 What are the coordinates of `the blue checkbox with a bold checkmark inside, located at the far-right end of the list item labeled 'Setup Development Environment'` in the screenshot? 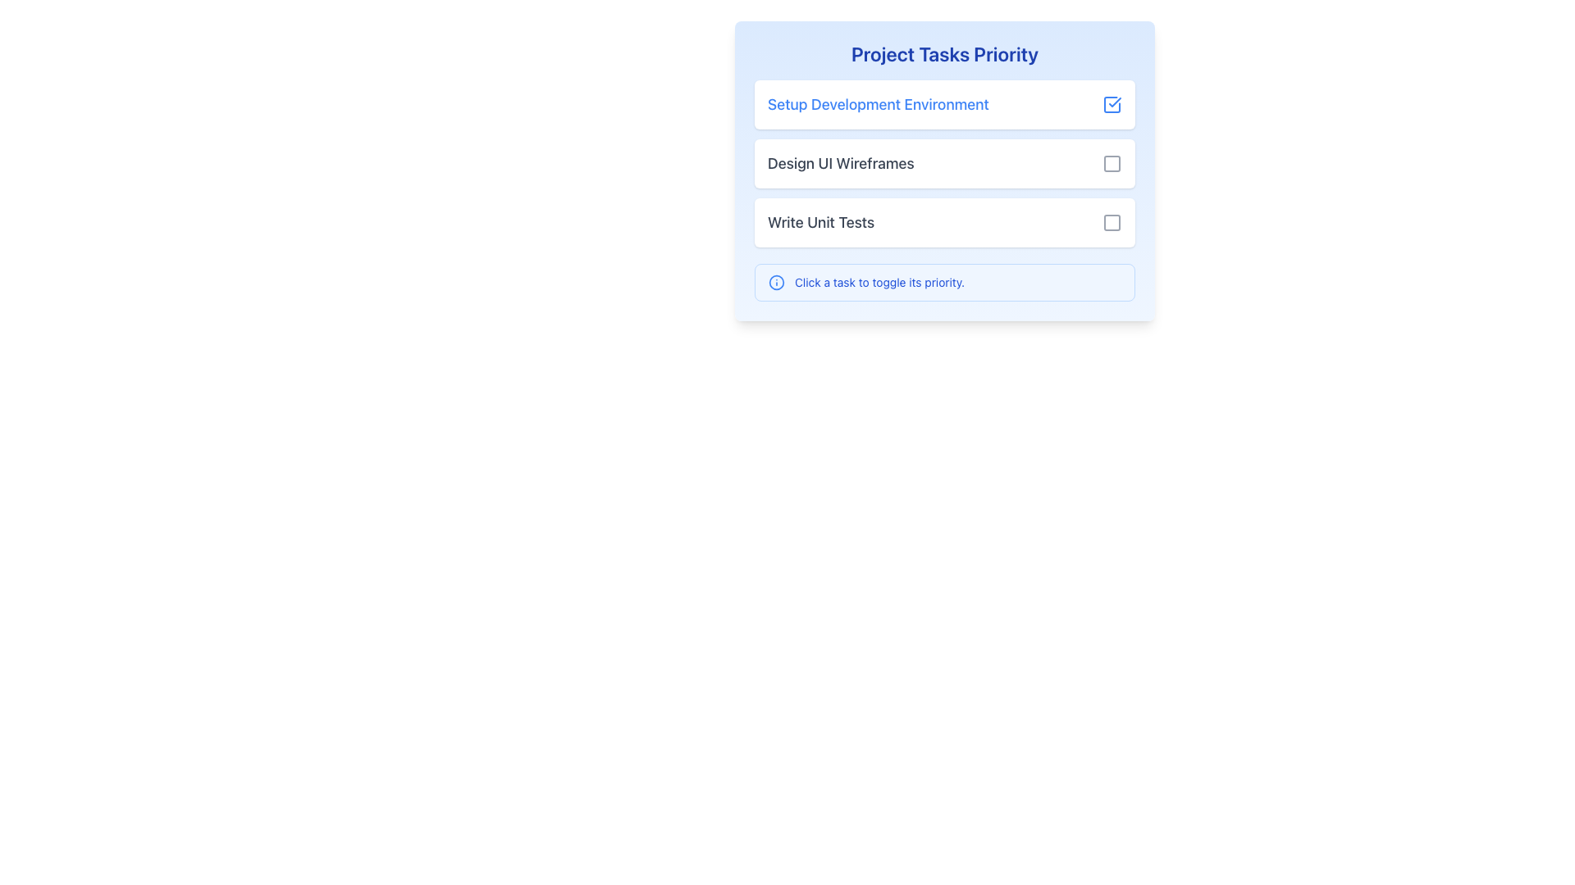 It's located at (1112, 104).